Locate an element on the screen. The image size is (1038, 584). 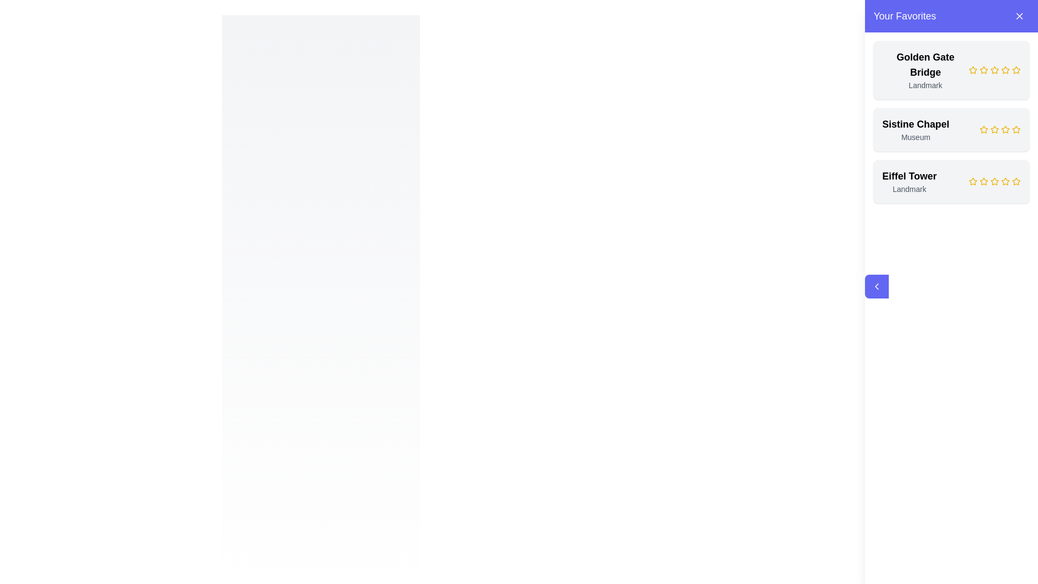
the third star-shaped icon with a yellow outline in the star rating system to rate it, located near the title 'Eiffel Tower' is located at coordinates (983, 181).